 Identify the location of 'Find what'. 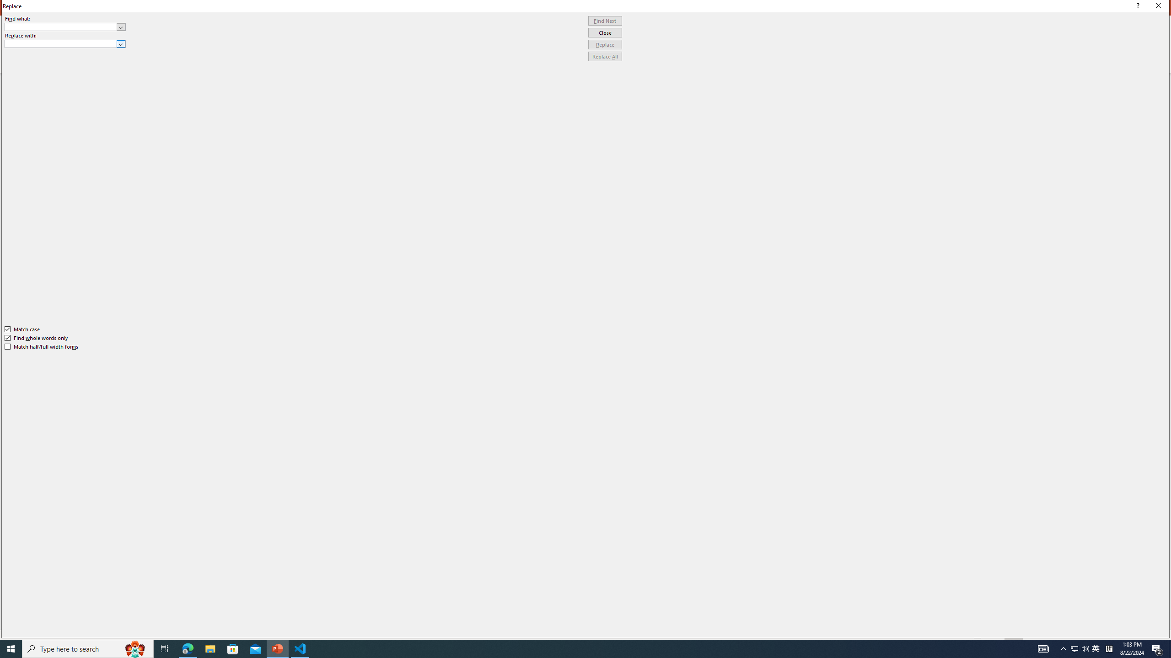
(65, 27).